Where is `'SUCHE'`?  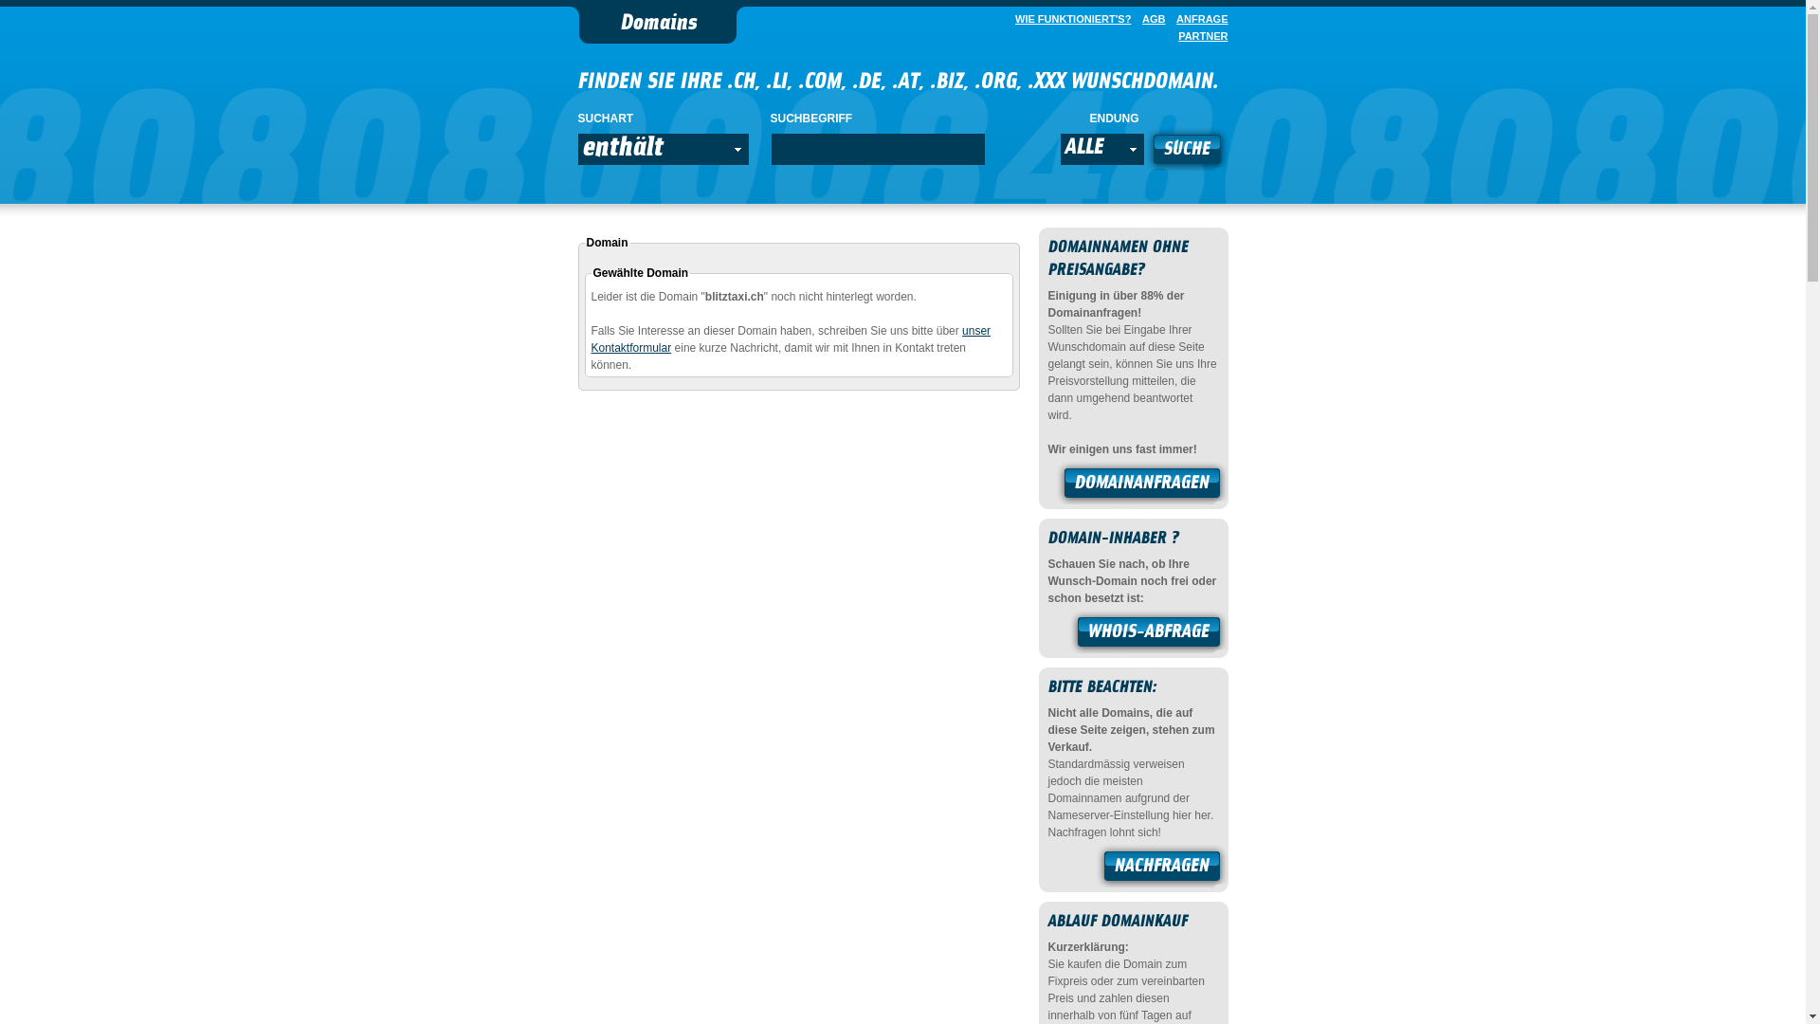
'SUCHE' is located at coordinates (1186, 150).